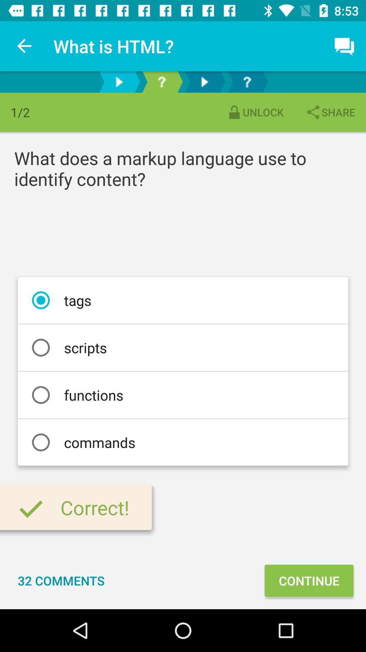  I want to click on icon to the right of unlock, so click(330, 112).